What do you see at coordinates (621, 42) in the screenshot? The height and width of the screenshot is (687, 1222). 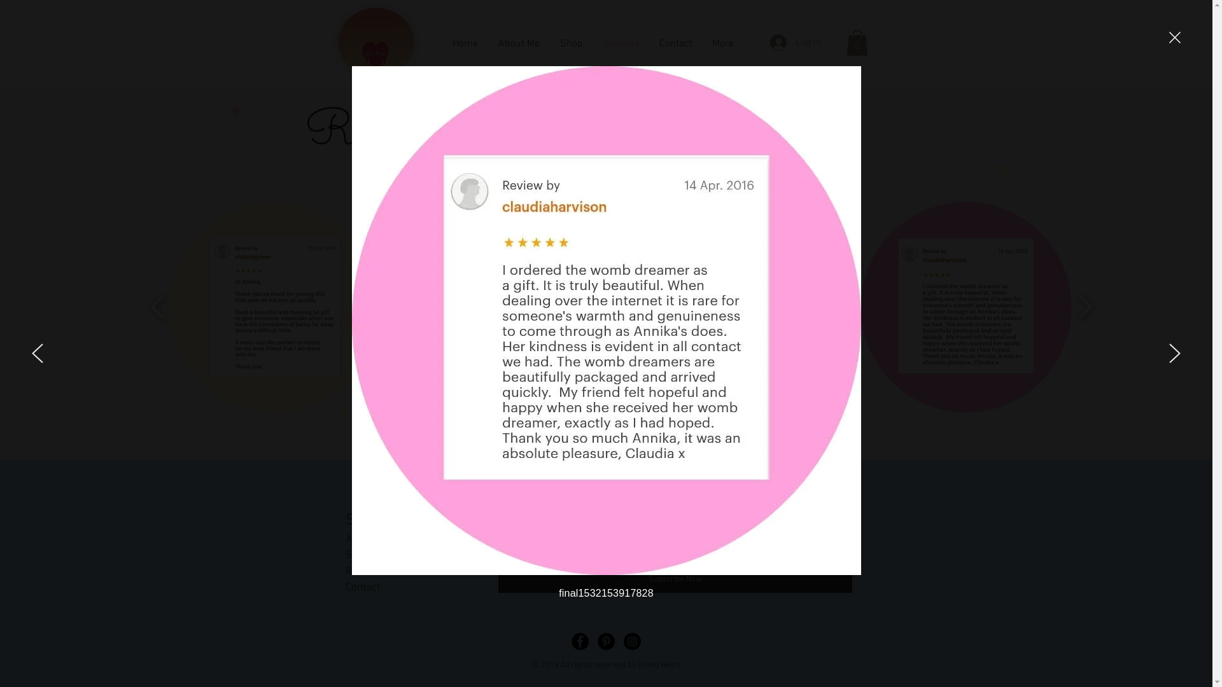 I see `'Reviews'` at bounding box center [621, 42].